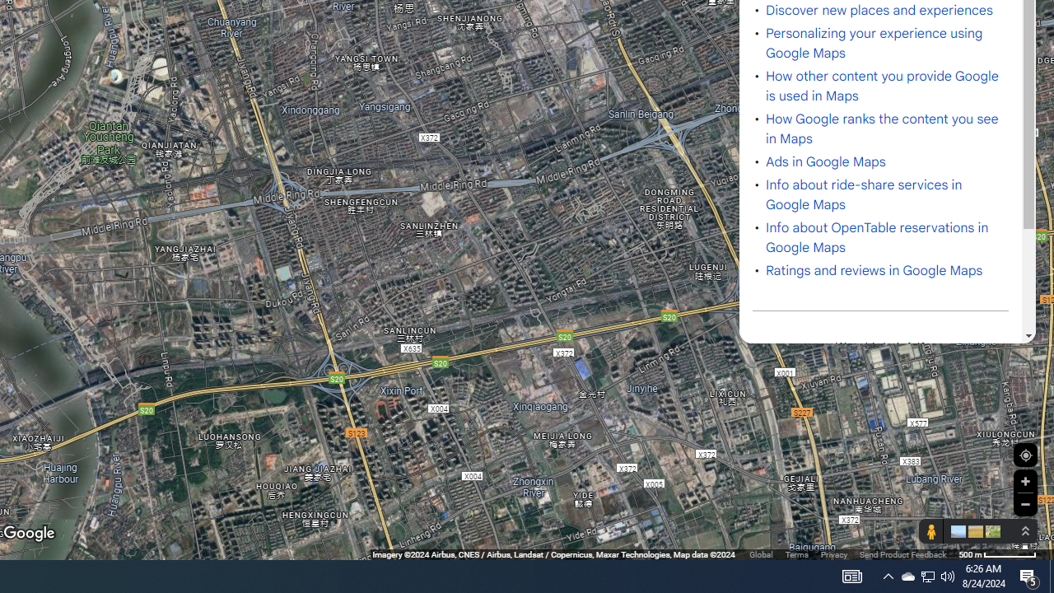  What do you see at coordinates (863, 194) in the screenshot?
I see `'Info about ride-share services in Google Maps'` at bounding box center [863, 194].